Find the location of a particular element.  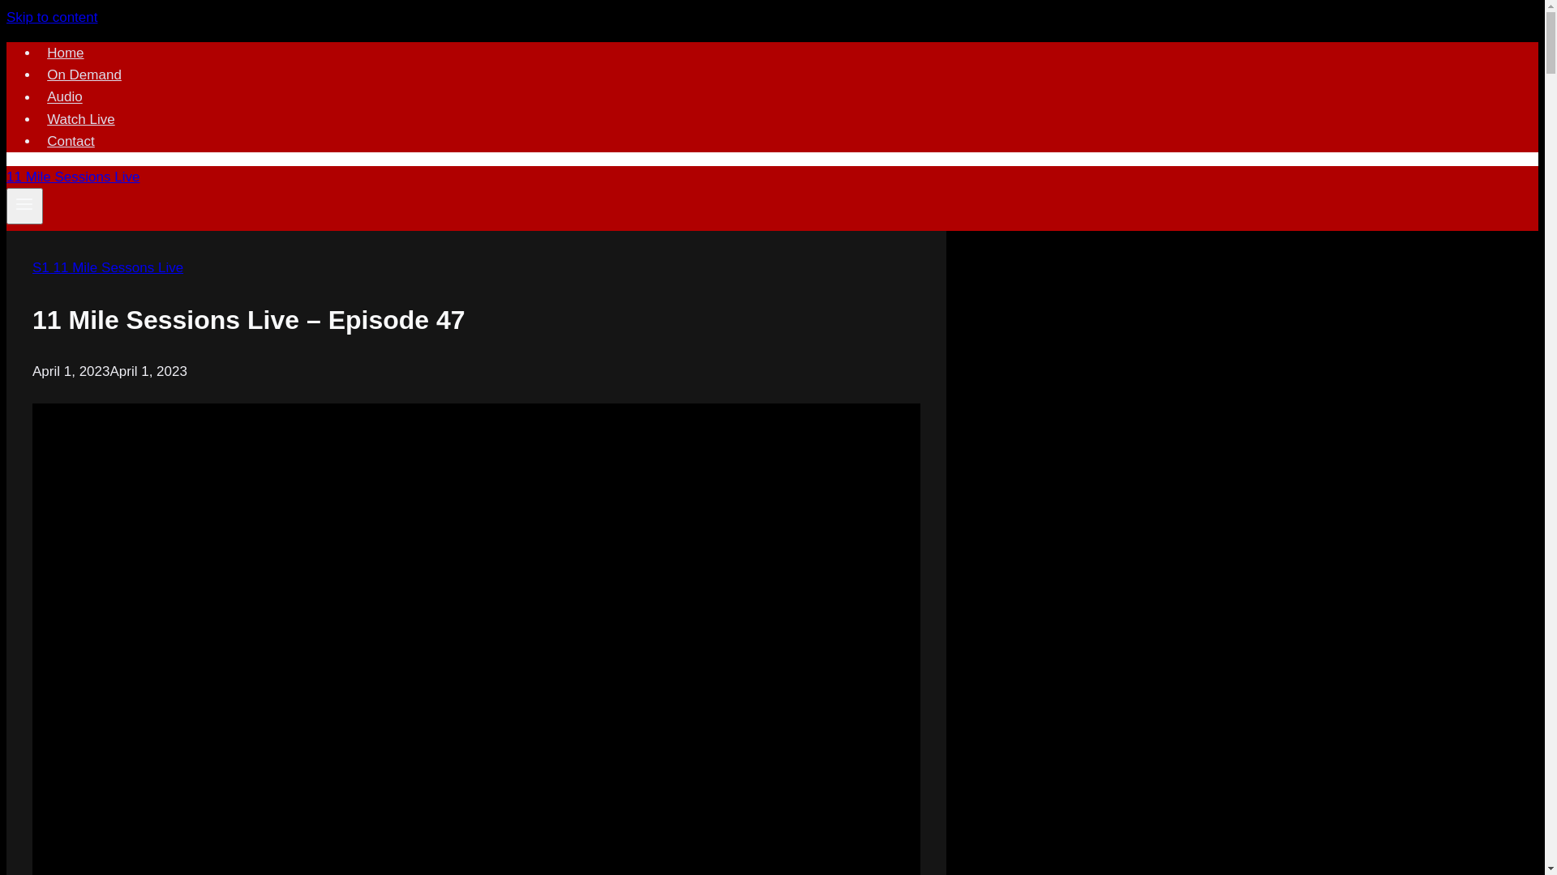

'Contact' is located at coordinates (70, 140).